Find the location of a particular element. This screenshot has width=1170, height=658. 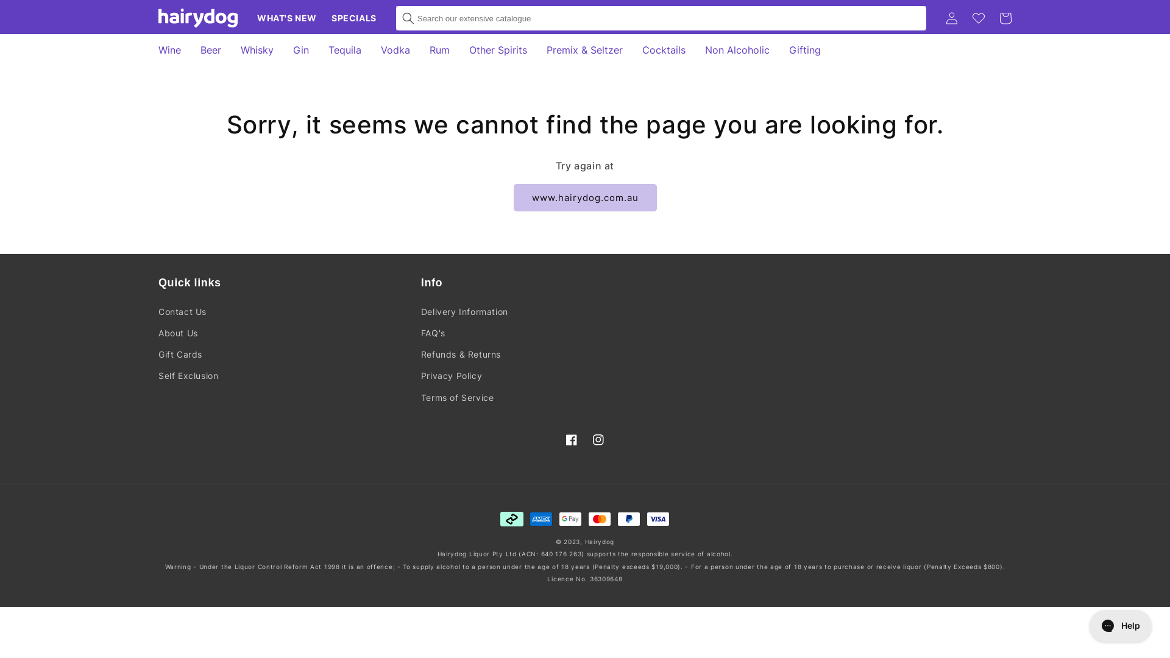

'Contact Us' is located at coordinates (157, 312).